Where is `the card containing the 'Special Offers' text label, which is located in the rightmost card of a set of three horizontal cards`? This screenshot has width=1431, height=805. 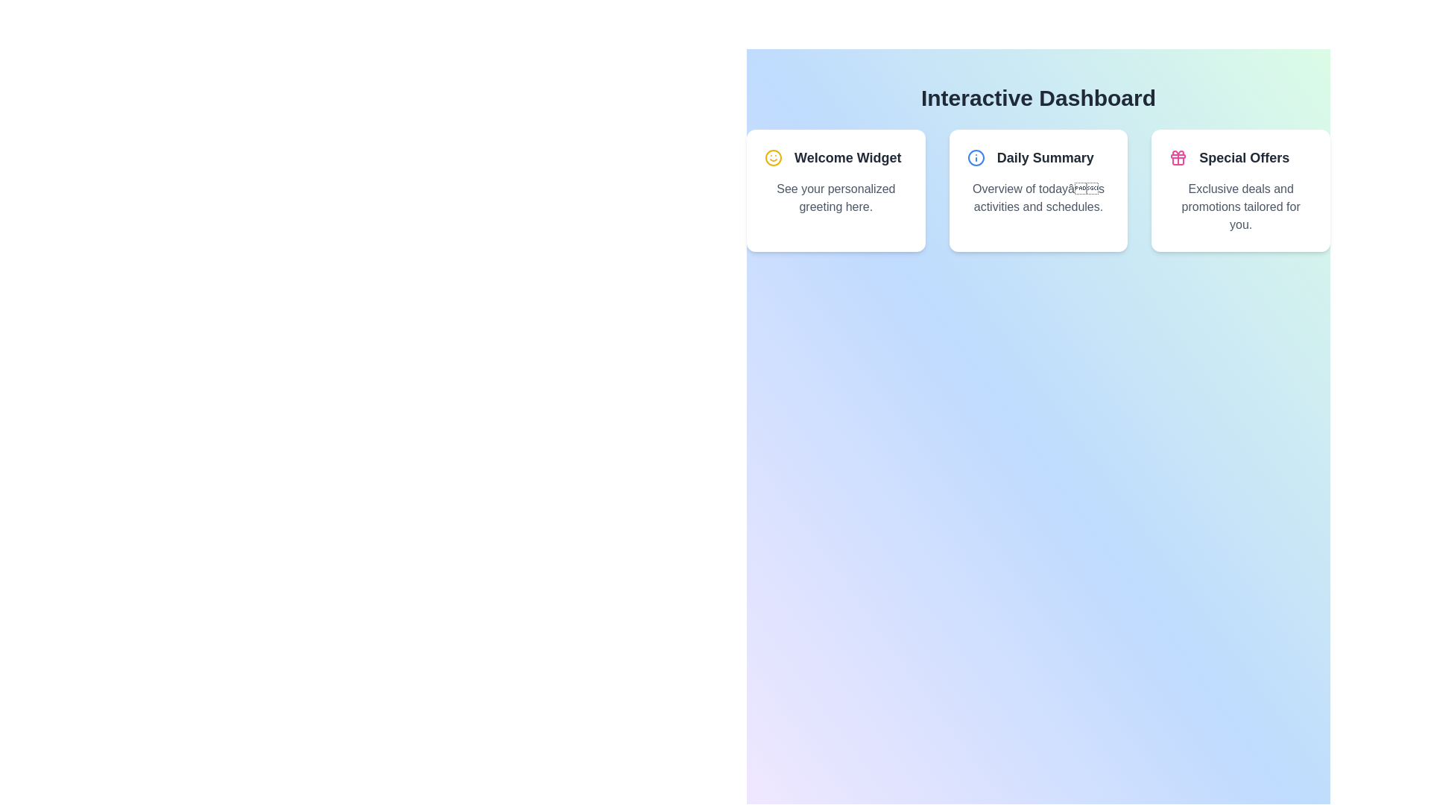 the card containing the 'Special Offers' text label, which is located in the rightmost card of a set of three horizontal cards is located at coordinates (1244, 158).